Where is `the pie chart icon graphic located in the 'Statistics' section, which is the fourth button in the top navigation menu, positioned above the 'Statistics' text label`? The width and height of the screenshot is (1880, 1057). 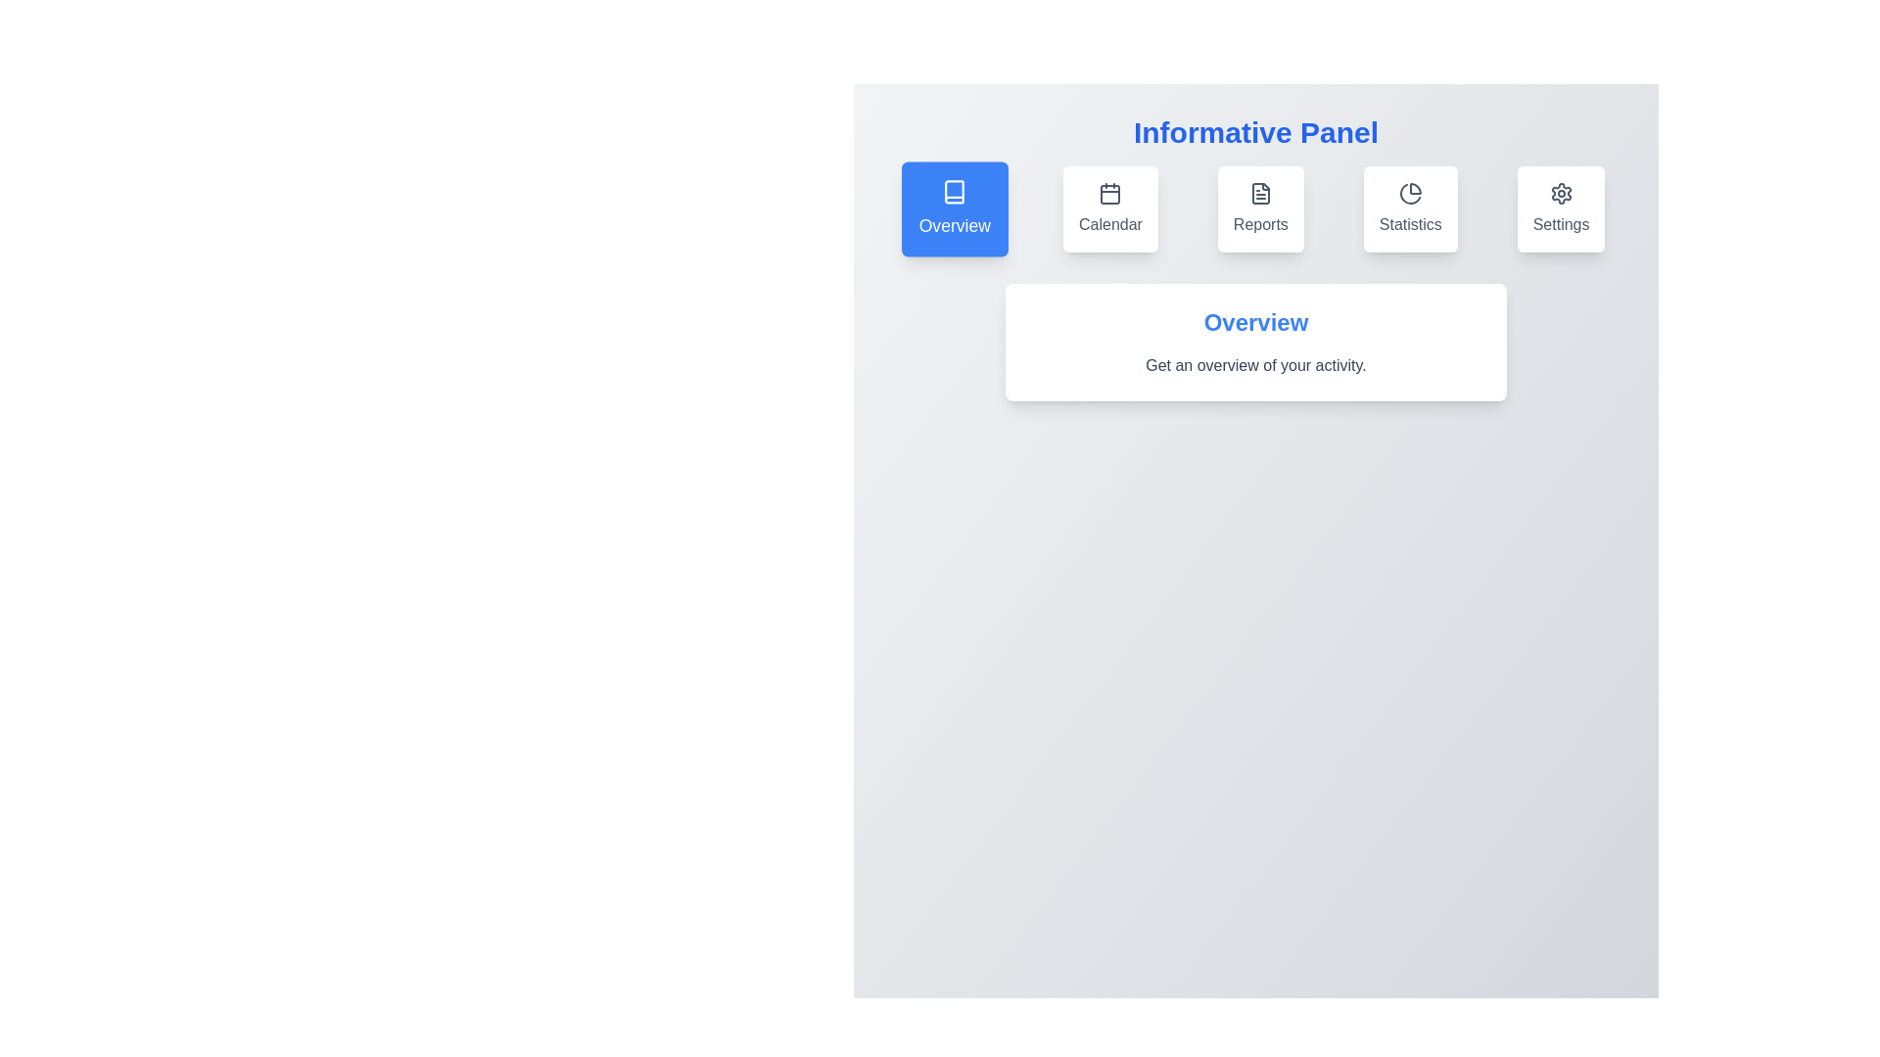
the pie chart icon graphic located in the 'Statistics' section, which is the fourth button in the top navigation menu, positioned above the 'Statistics' text label is located at coordinates (1410, 193).